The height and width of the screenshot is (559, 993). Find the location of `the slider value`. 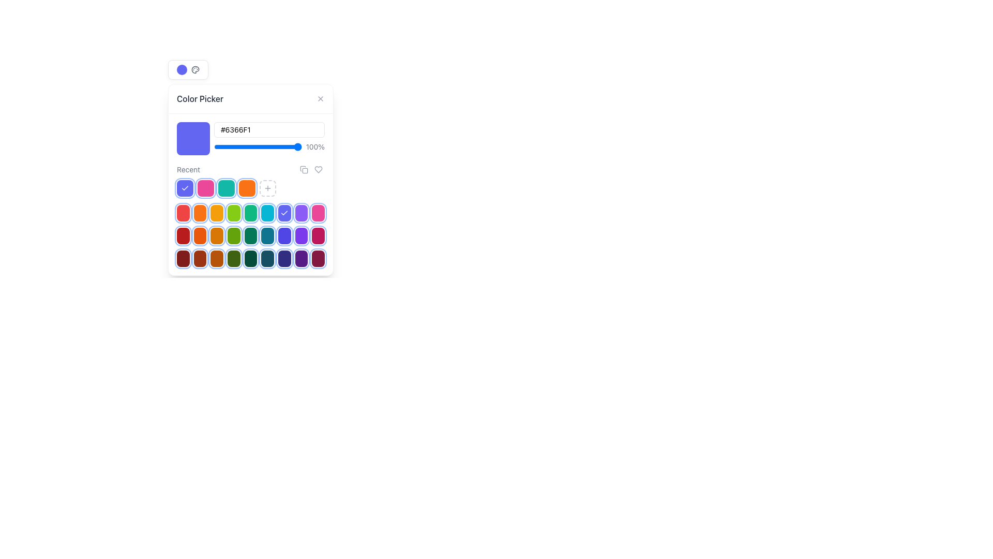

the slider value is located at coordinates (292, 147).